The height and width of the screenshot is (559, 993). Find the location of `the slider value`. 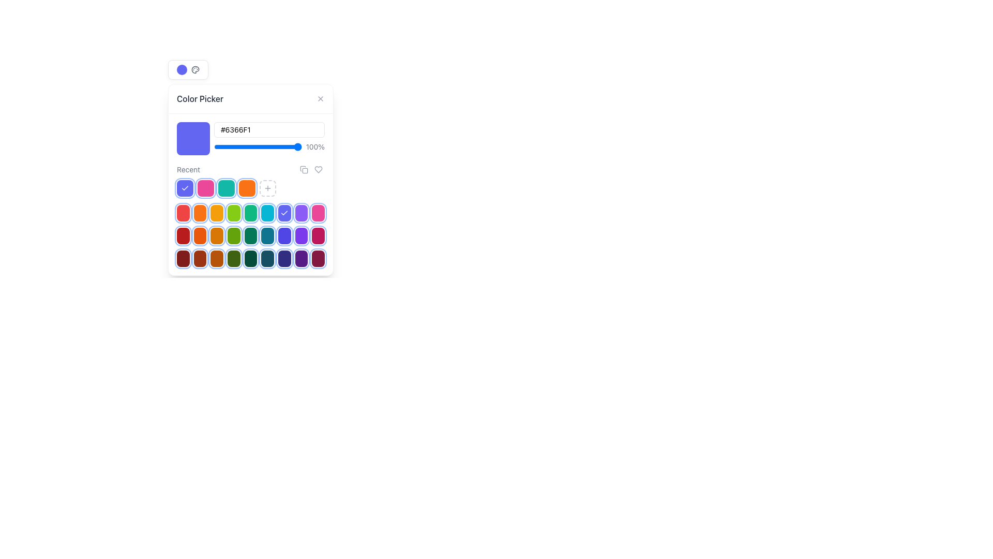

the slider value is located at coordinates (292, 147).